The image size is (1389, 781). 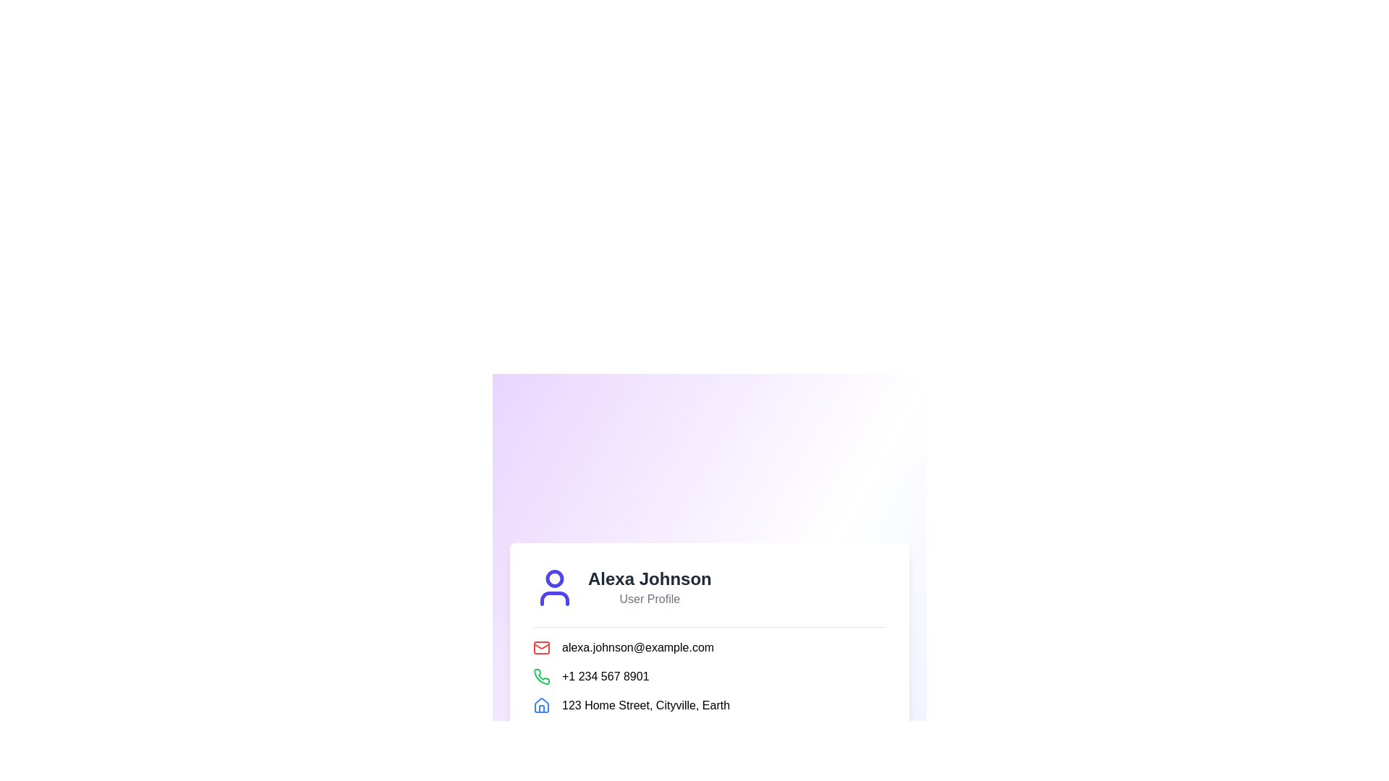 I want to click on the small circular SVG graphic element located at the top center of the user profile icon resembling a human silhouette, so click(x=554, y=577).